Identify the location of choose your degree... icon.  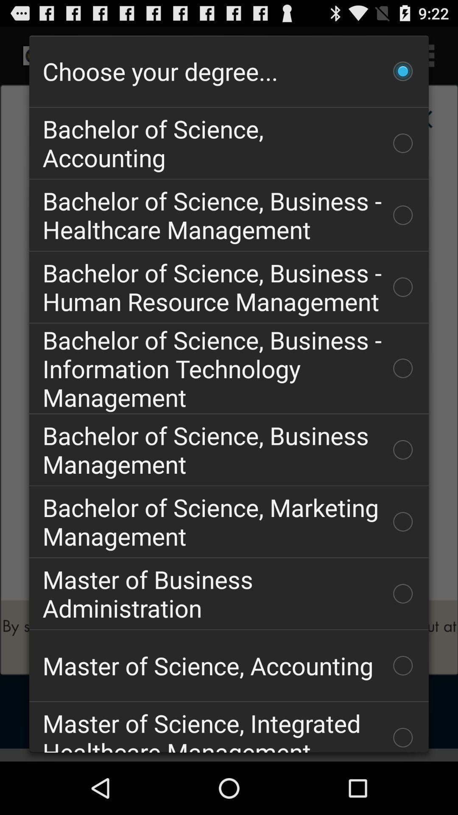
(229, 71).